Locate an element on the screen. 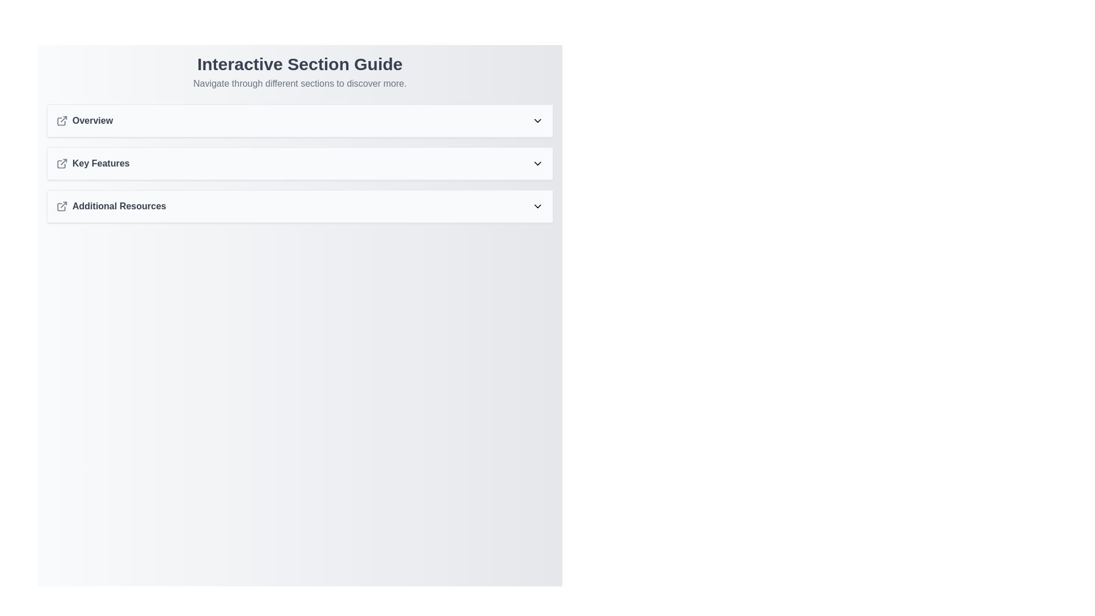  the chevron icon button located at the far right of the 'Overview' section is located at coordinates (537, 121).